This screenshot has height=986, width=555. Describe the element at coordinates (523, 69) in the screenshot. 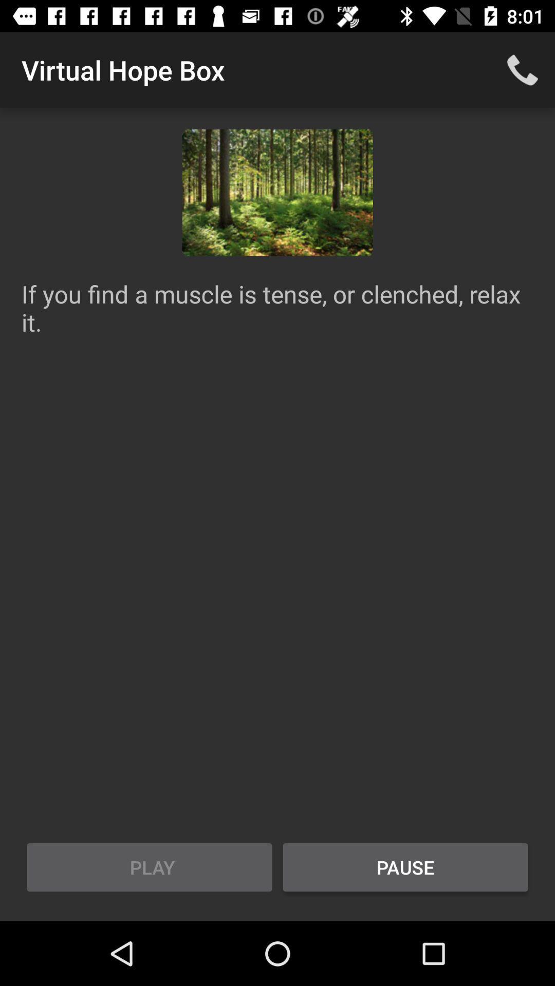

I see `icon at the top right corner` at that location.